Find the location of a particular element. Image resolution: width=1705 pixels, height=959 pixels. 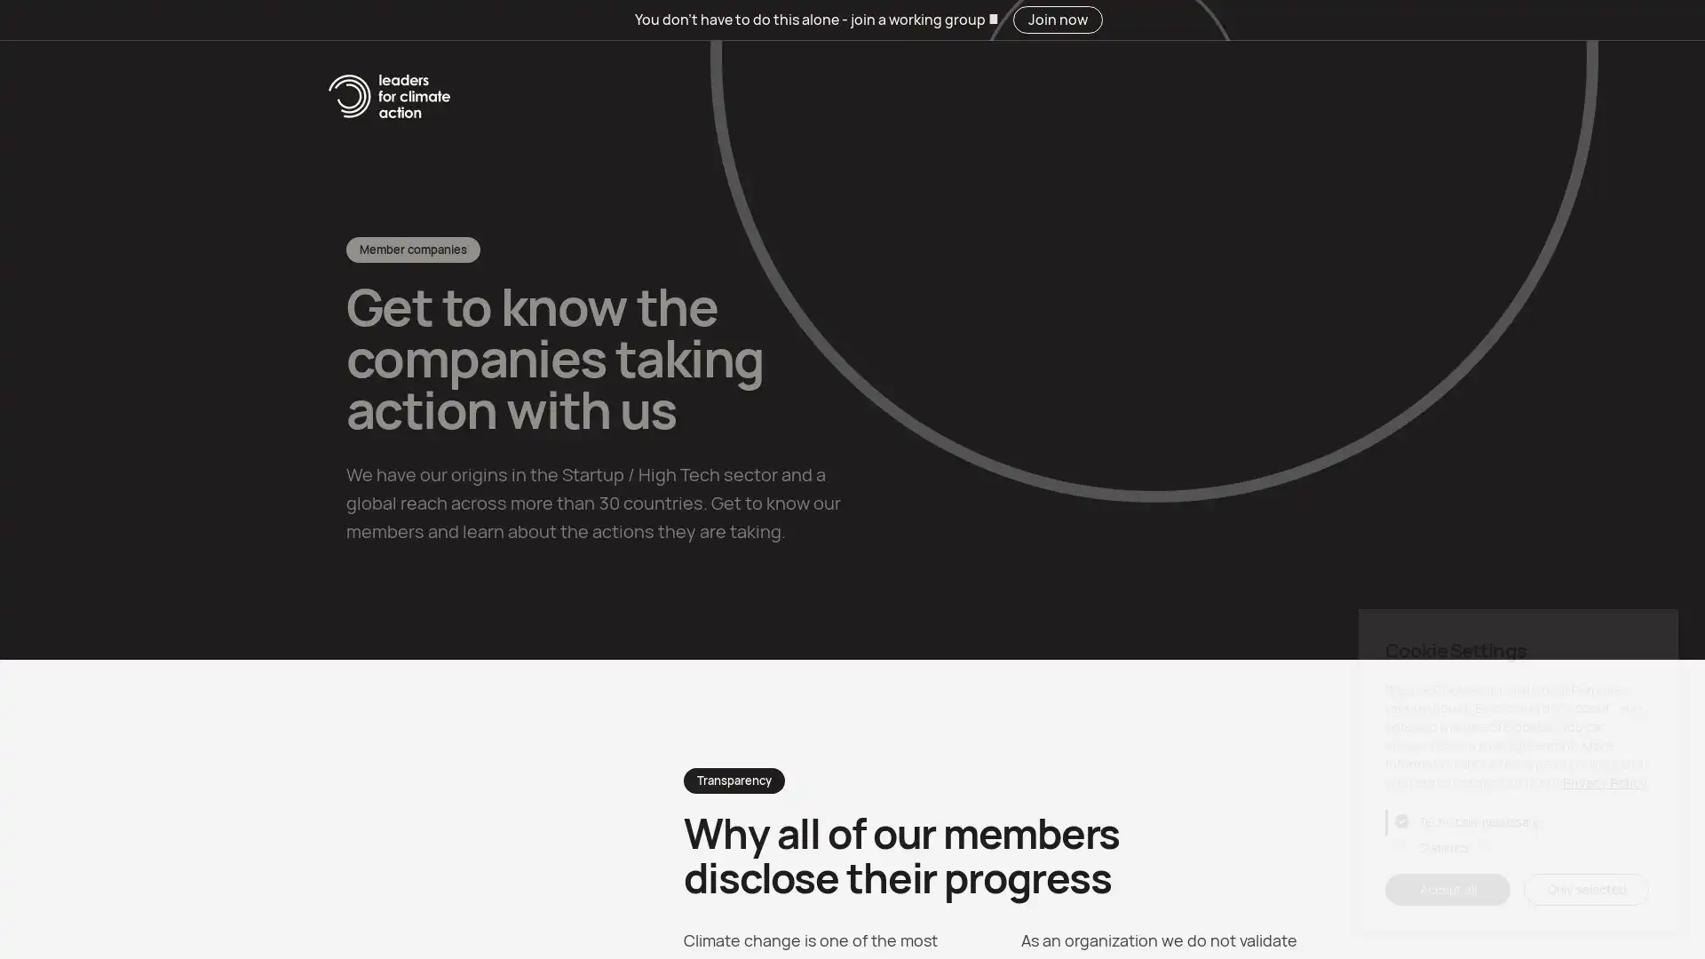

Join now is located at coordinates (1057, 20).